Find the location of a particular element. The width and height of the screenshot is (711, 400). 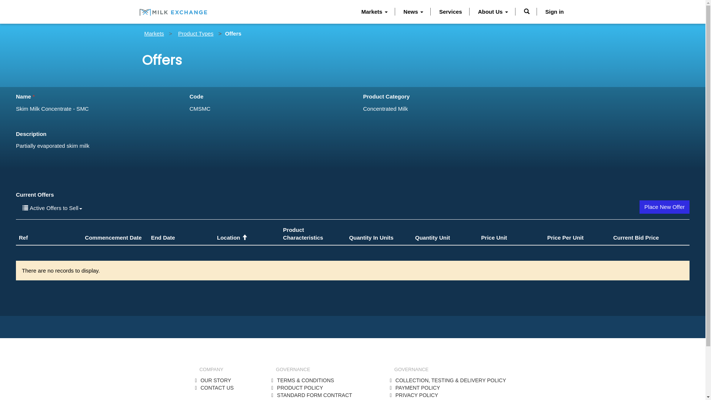

'PRODUCT POLICY' is located at coordinates (300, 387).